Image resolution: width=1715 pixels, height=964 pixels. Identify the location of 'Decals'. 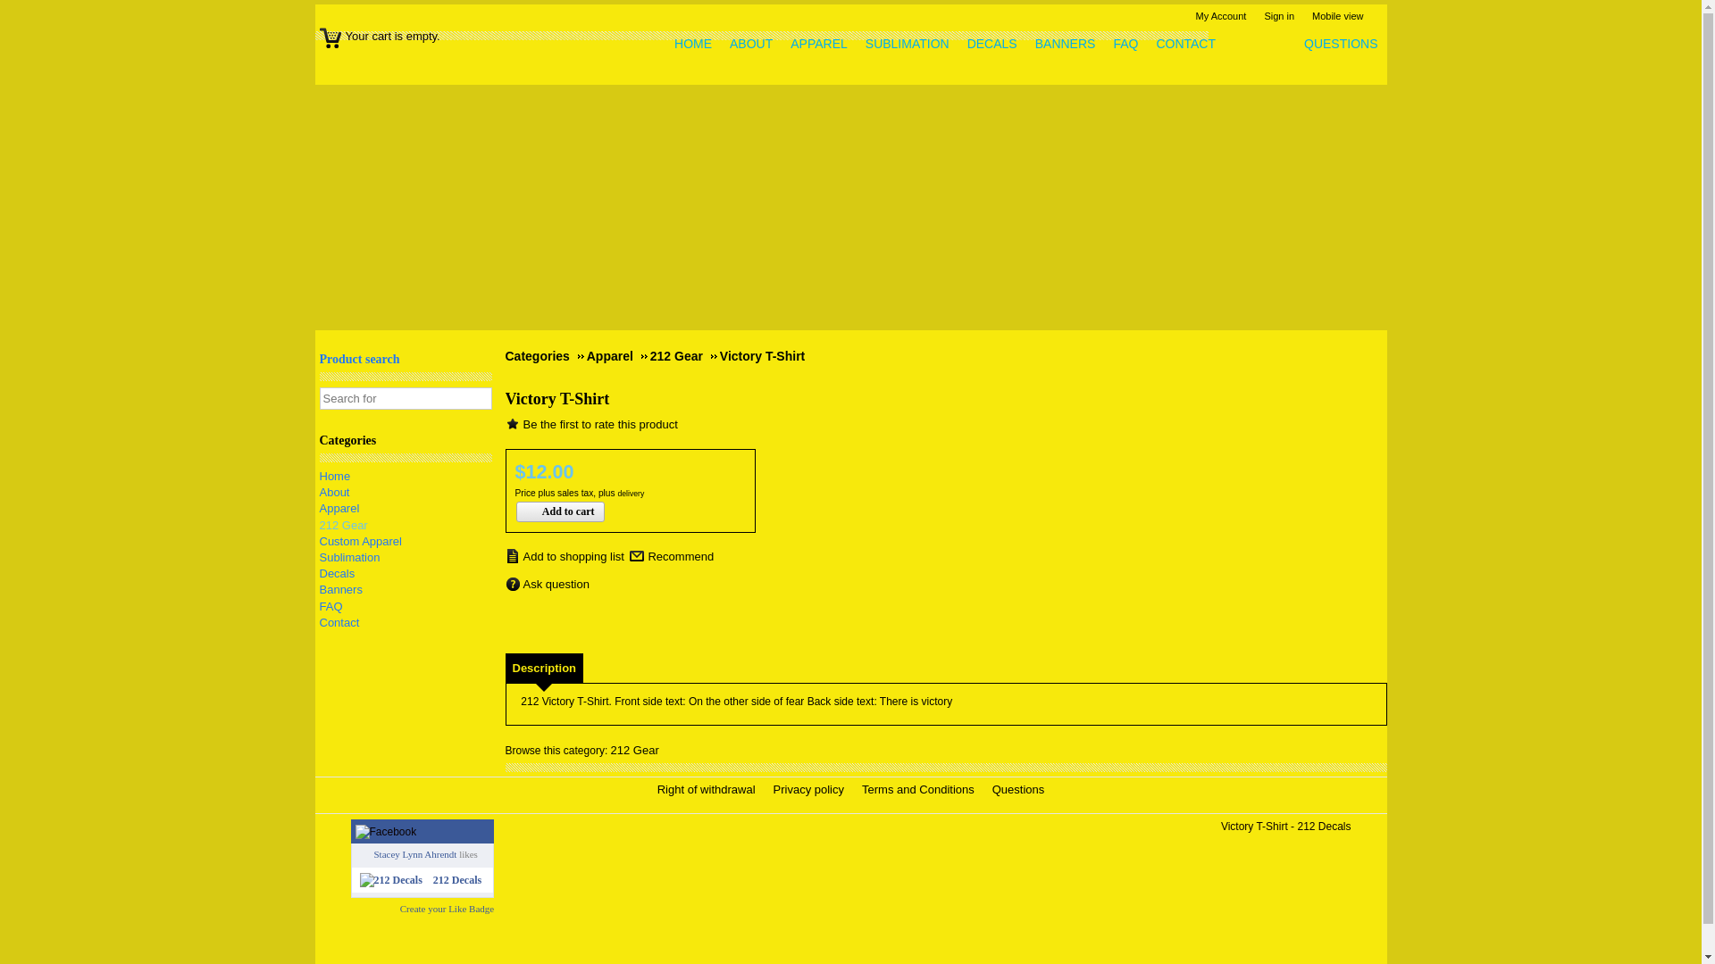
(338, 573).